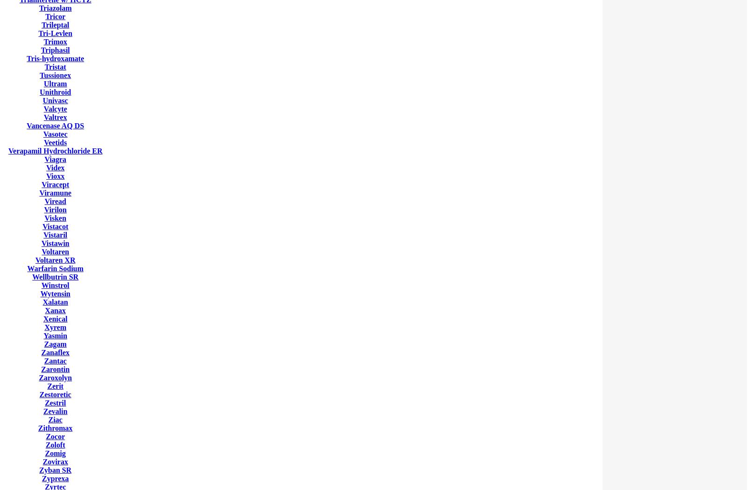 The width and height of the screenshot is (755, 490). I want to click on 'Zestoretic', so click(55, 394).